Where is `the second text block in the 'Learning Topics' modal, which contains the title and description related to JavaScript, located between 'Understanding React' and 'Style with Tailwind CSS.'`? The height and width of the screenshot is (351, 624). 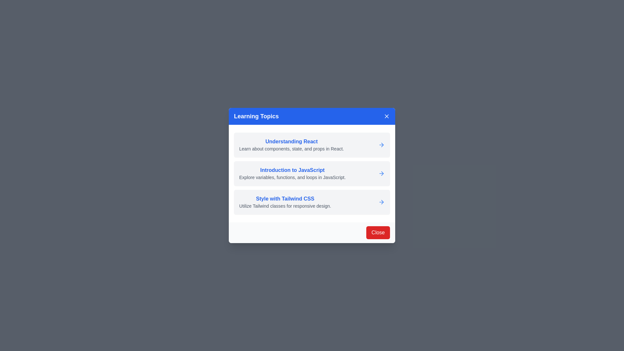
the second text block in the 'Learning Topics' modal, which contains the title and description related to JavaScript, located between 'Understanding React' and 'Style with Tailwind CSS.' is located at coordinates (292, 173).